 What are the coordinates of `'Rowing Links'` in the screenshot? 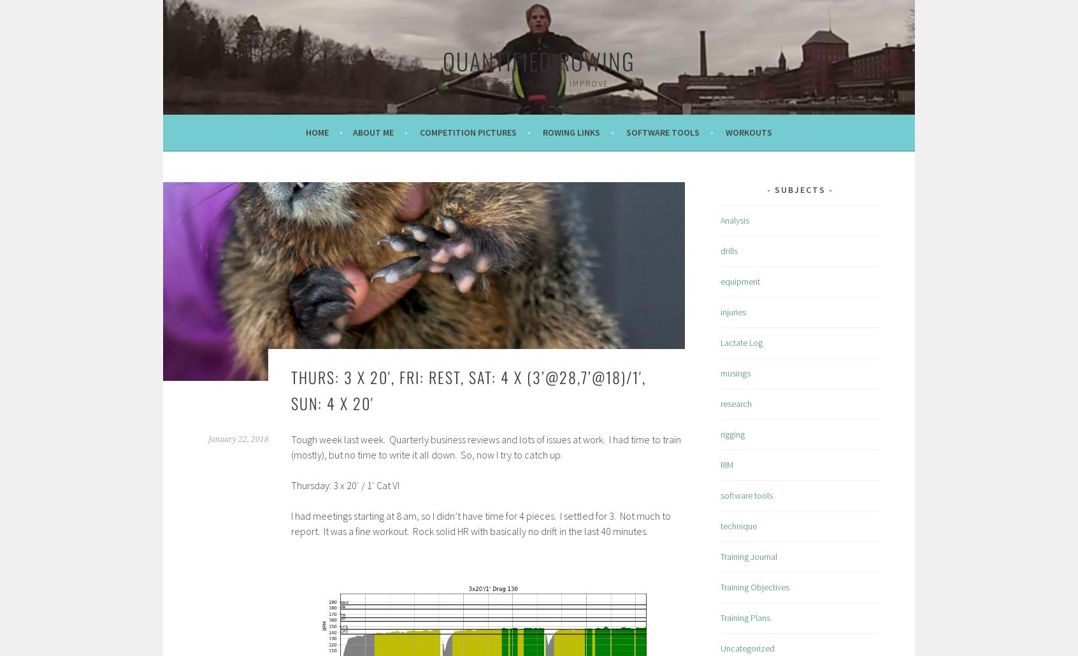 It's located at (542, 132).